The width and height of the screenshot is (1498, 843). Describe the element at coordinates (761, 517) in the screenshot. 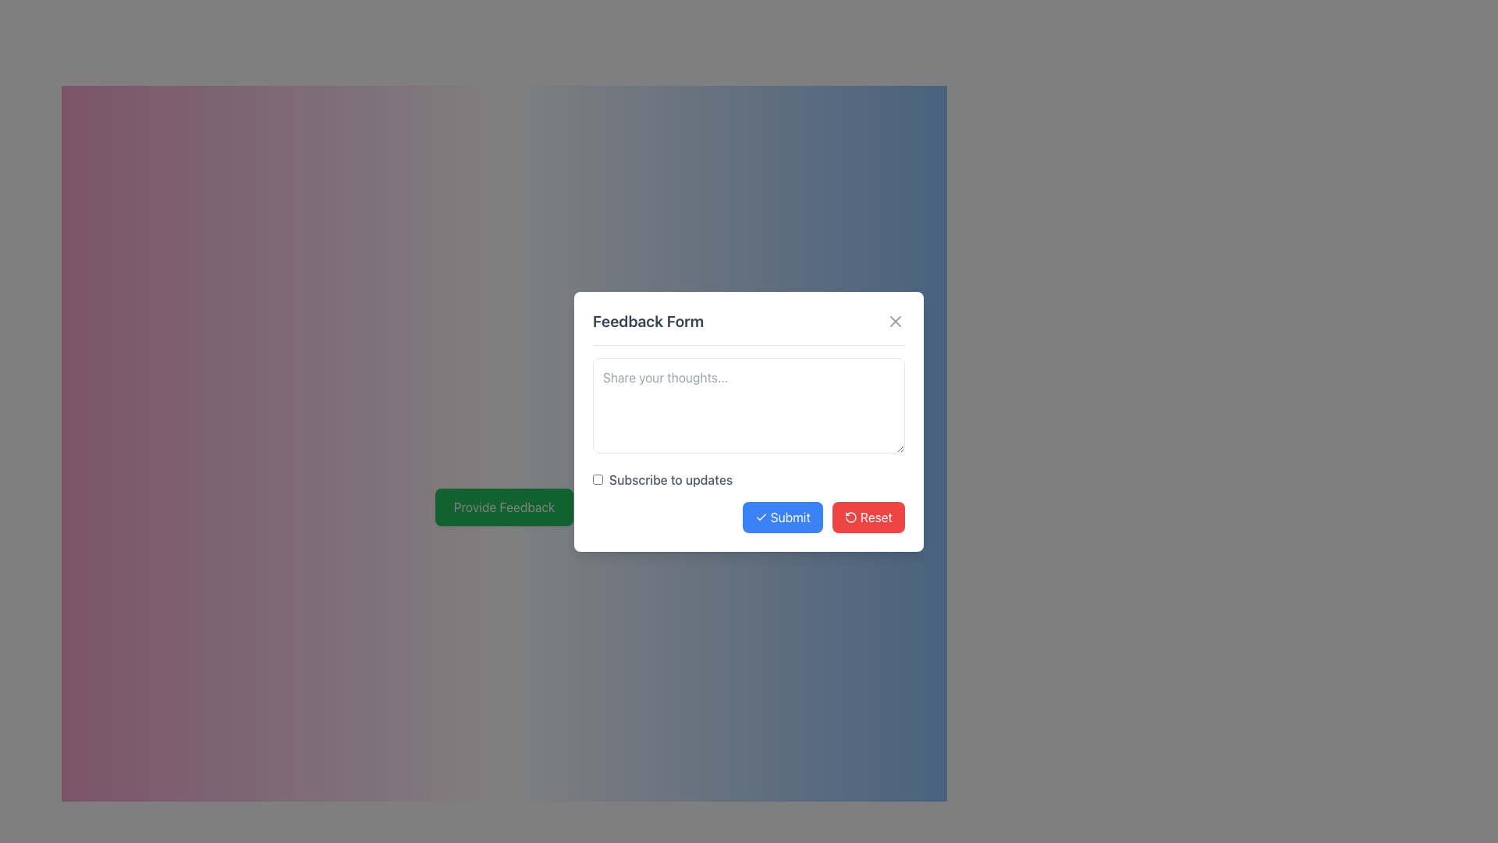

I see `the check icon located at the center of the 'Submit' button in the dialog box's footer, adjacent to the text label` at that location.